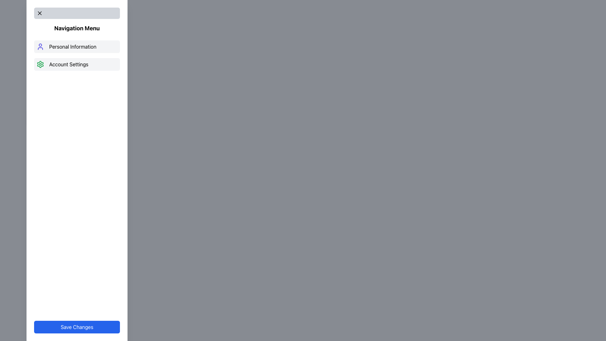 Image resolution: width=606 pixels, height=341 pixels. I want to click on the close button located at the top-left of the page, so click(39, 13).